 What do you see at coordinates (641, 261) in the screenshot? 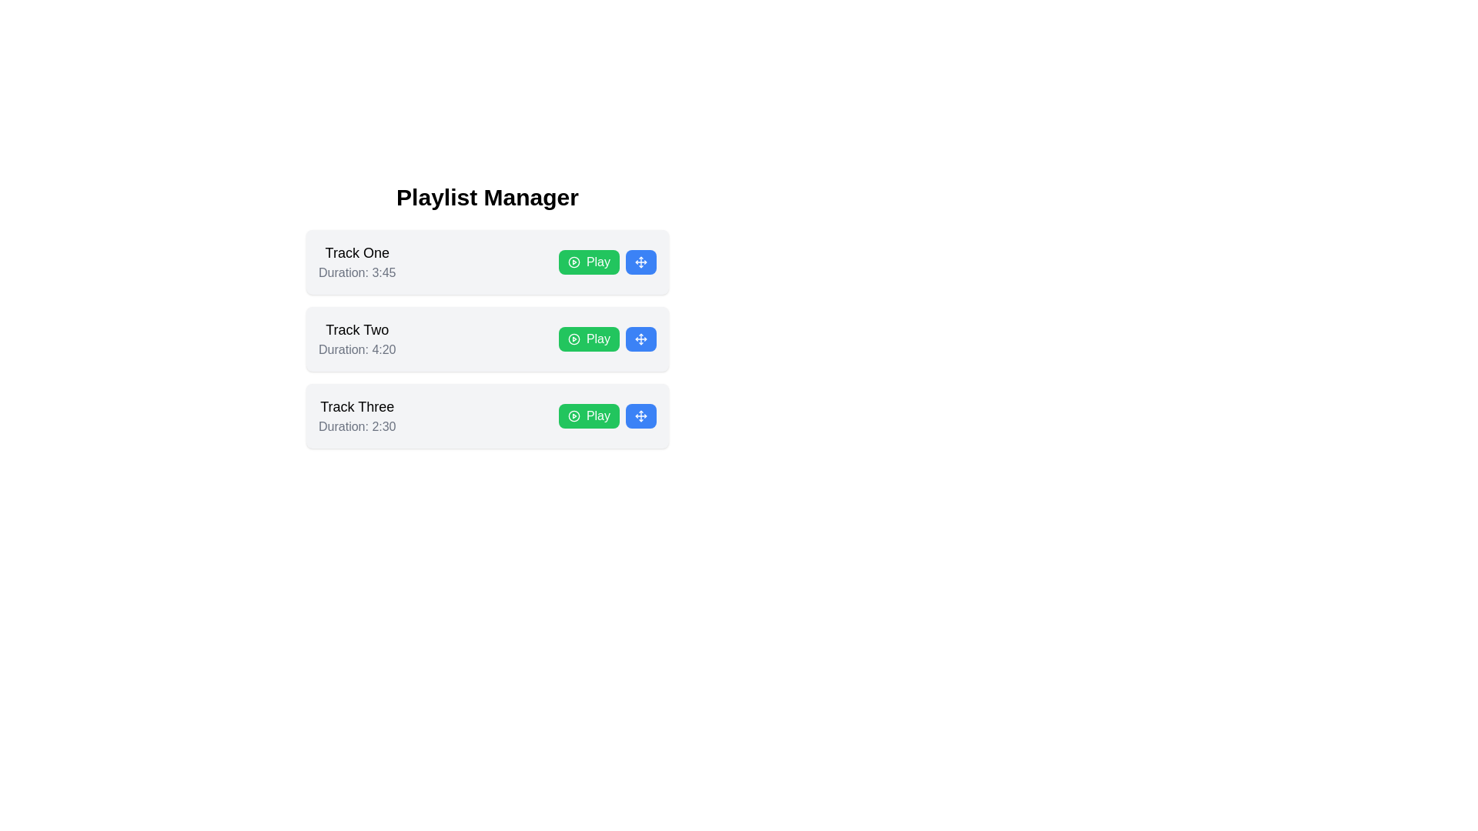
I see `the Drag Handle Icon, which is a move icon with four outward-pointing arrows within a blue circular button, located to the right of the green Play button in the first track card of the Playlist Manager` at bounding box center [641, 261].